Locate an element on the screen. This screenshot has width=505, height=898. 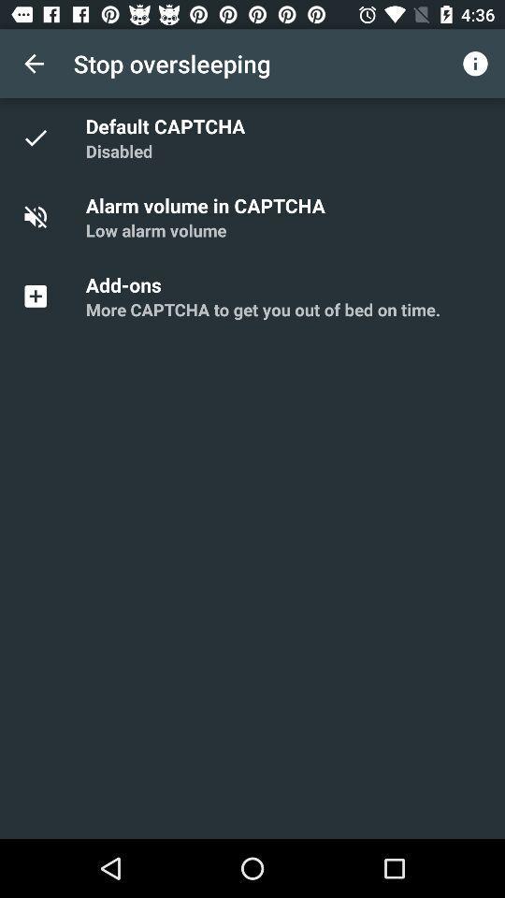
the icon at the top right corner is located at coordinates (475, 64).